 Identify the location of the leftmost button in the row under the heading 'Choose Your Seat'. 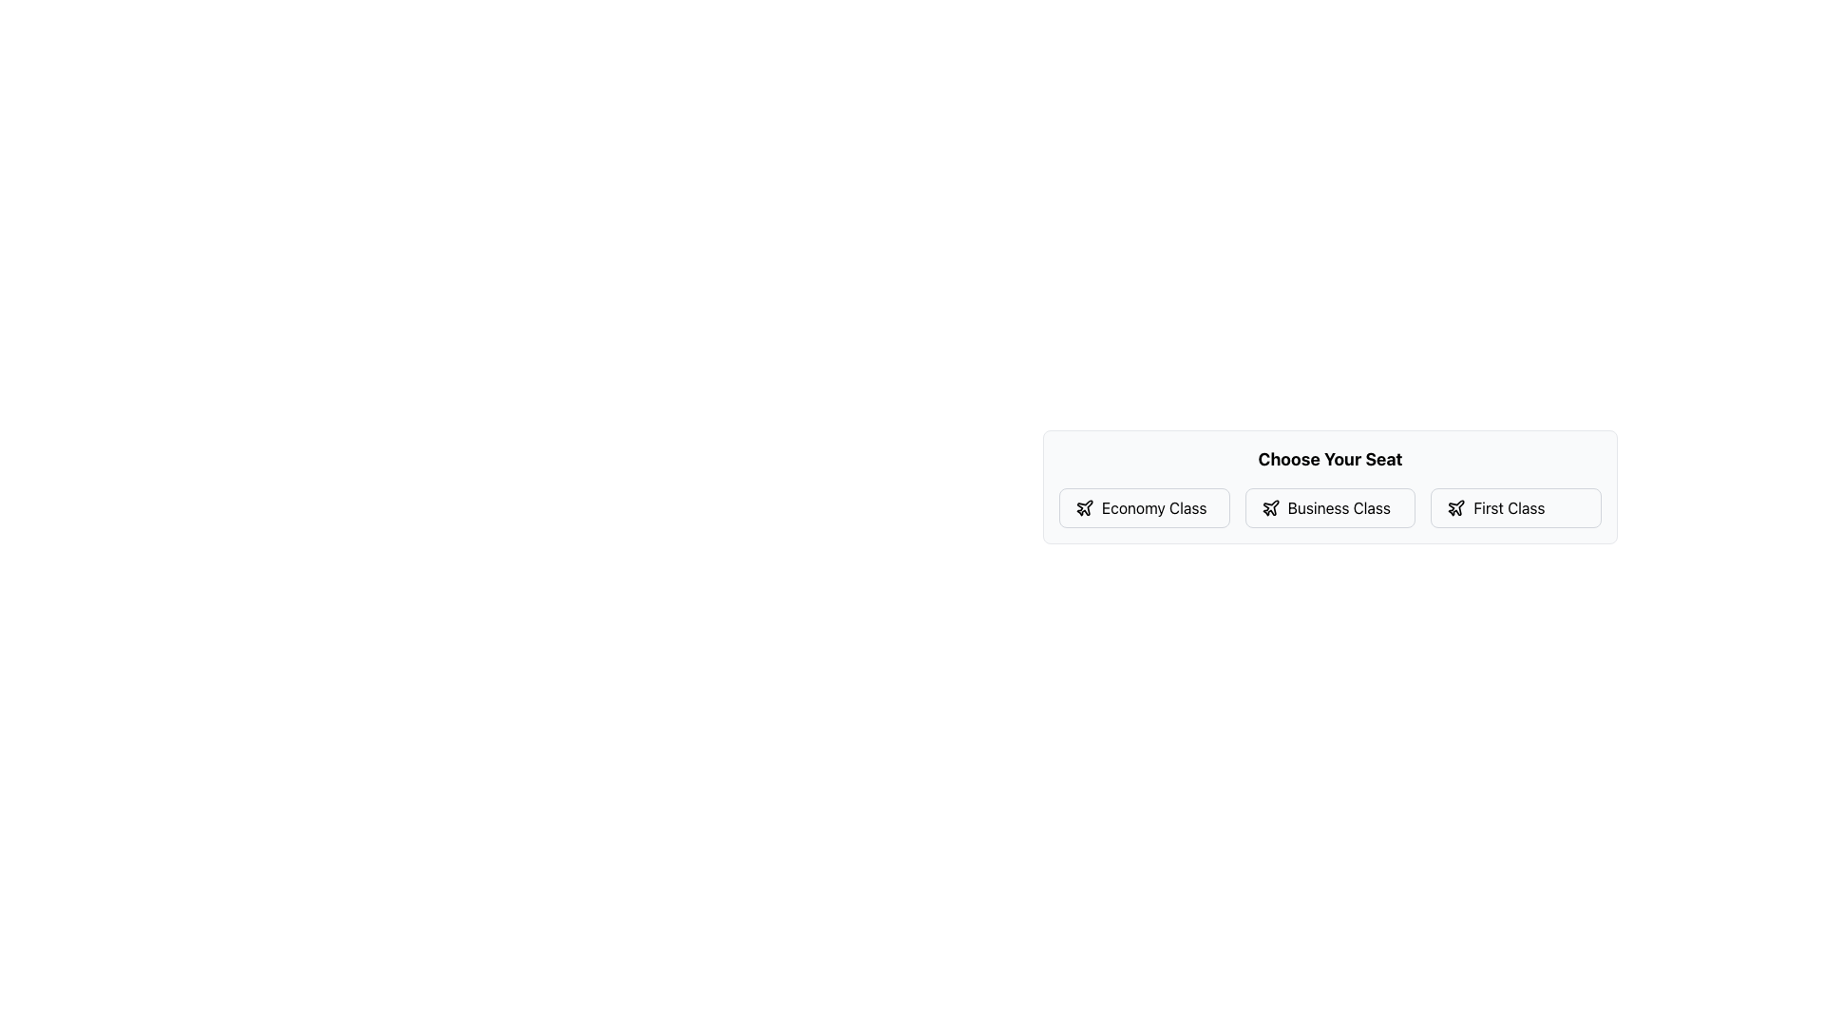
(1143, 507).